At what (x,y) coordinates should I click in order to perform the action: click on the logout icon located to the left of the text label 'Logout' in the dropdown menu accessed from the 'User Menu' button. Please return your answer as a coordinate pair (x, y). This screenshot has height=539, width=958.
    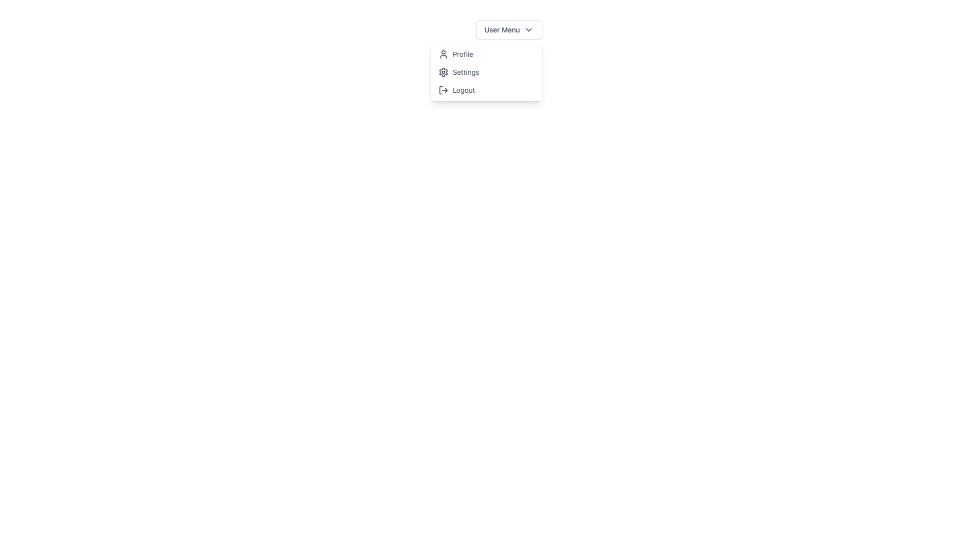
    Looking at the image, I should click on (443, 90).